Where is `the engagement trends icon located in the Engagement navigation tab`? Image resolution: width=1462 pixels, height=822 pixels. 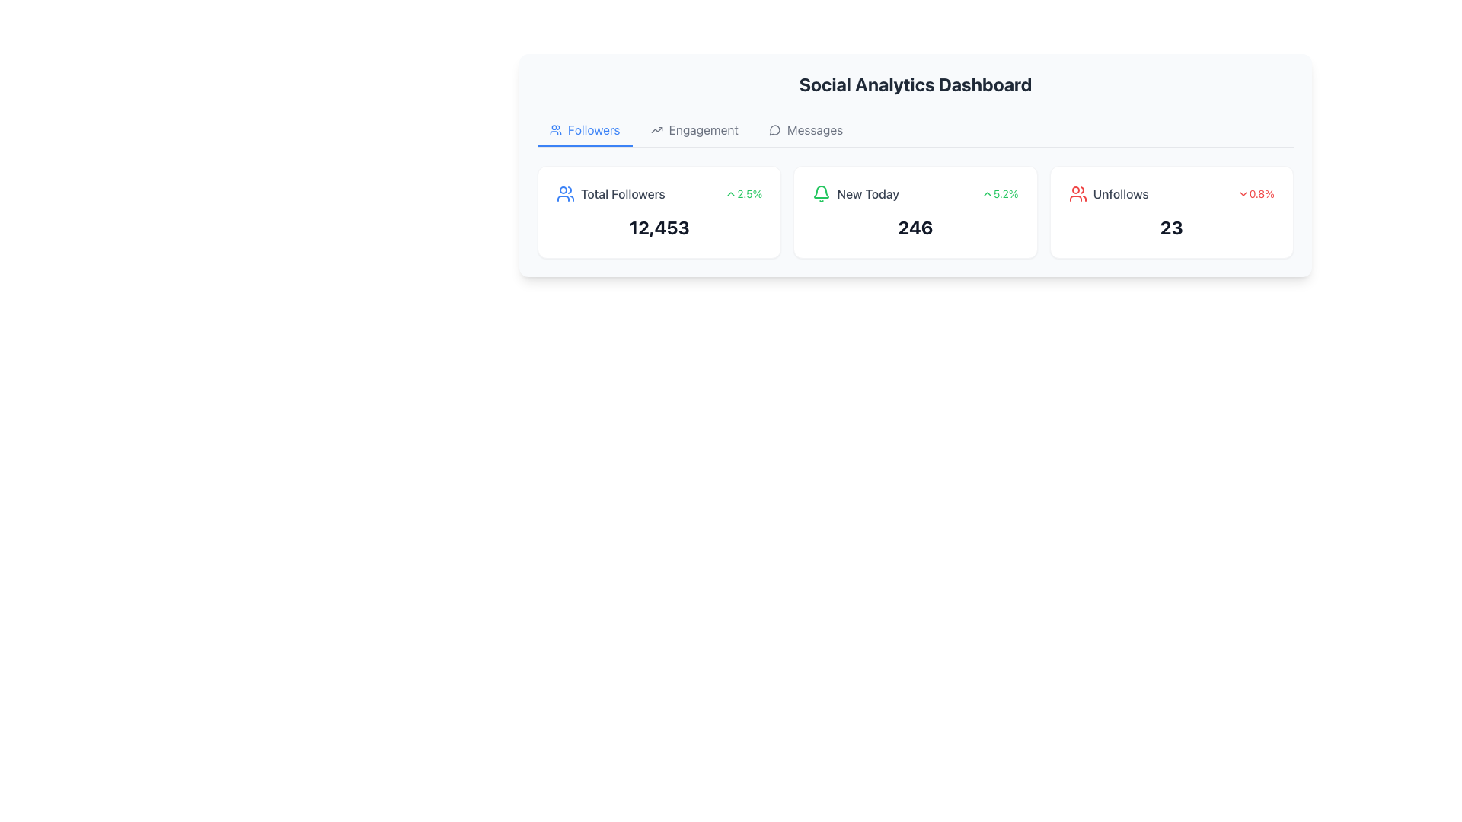
the engagement trends icon located in the Engagement navigation tab is located at coordinates (656, 129).